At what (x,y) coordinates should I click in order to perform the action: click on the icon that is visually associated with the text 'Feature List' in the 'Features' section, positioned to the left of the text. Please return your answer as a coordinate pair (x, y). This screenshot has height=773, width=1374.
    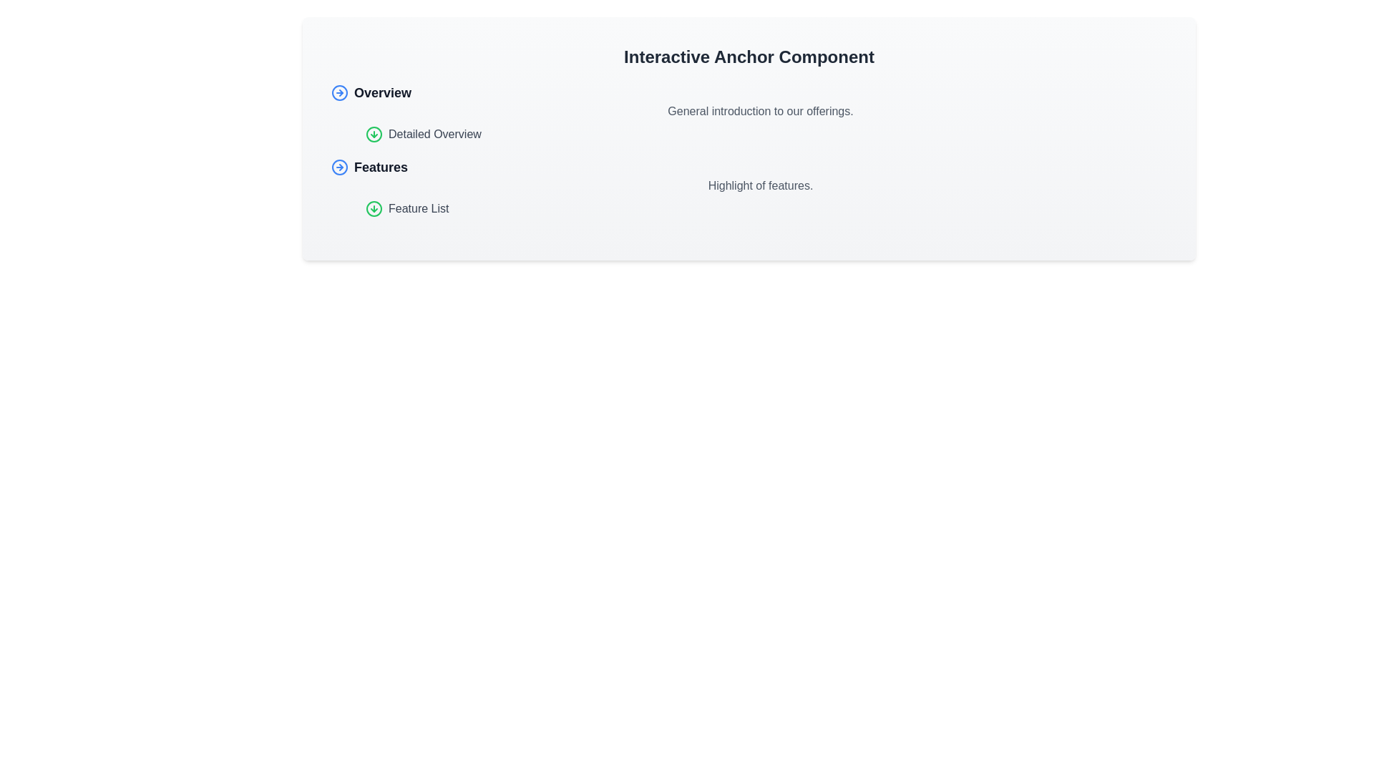
    Looking at the image, I should click on (374, 209).